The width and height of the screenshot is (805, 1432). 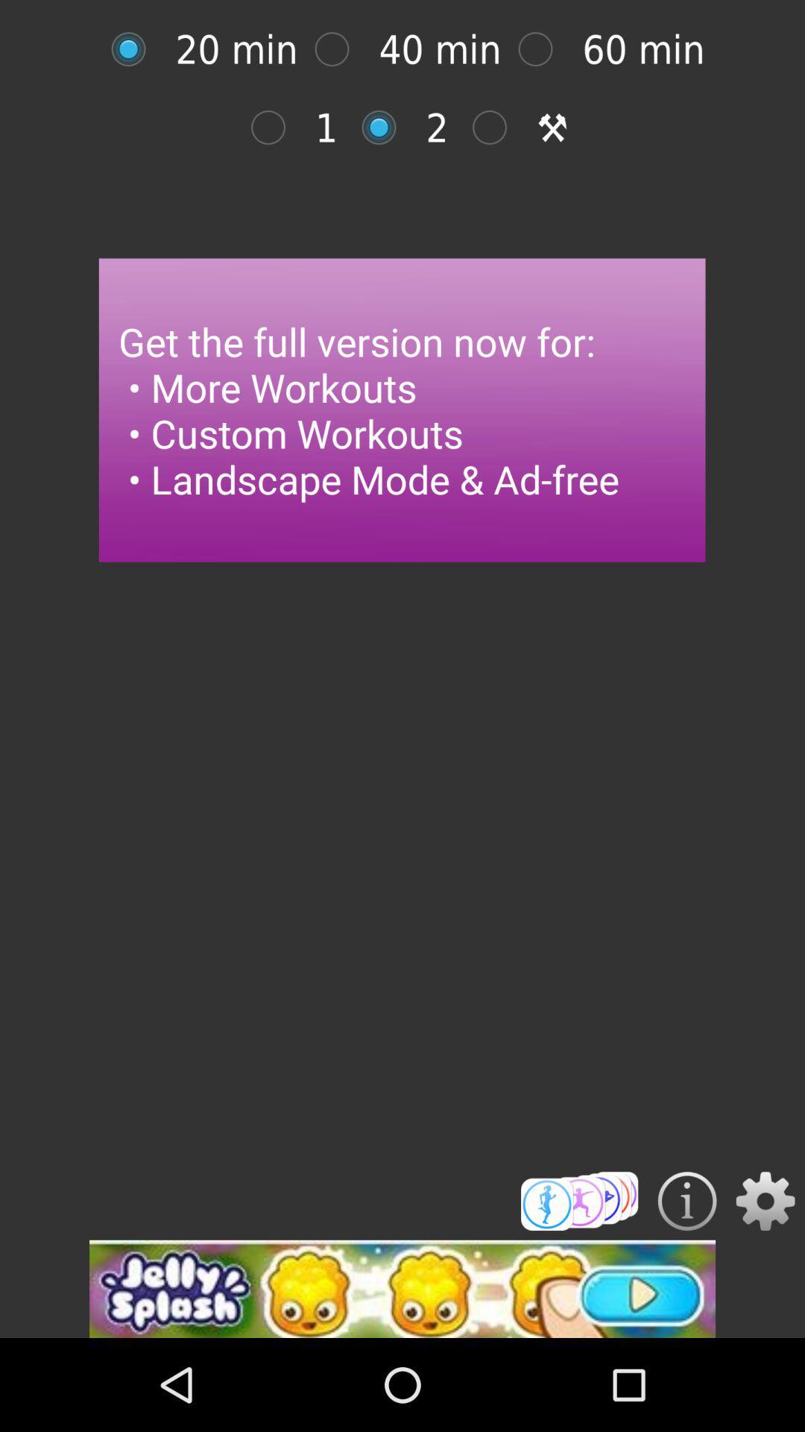 What do you see at coordinates (276, 128) in the screenshot?
I see `1` at bounding box center [276, 128].